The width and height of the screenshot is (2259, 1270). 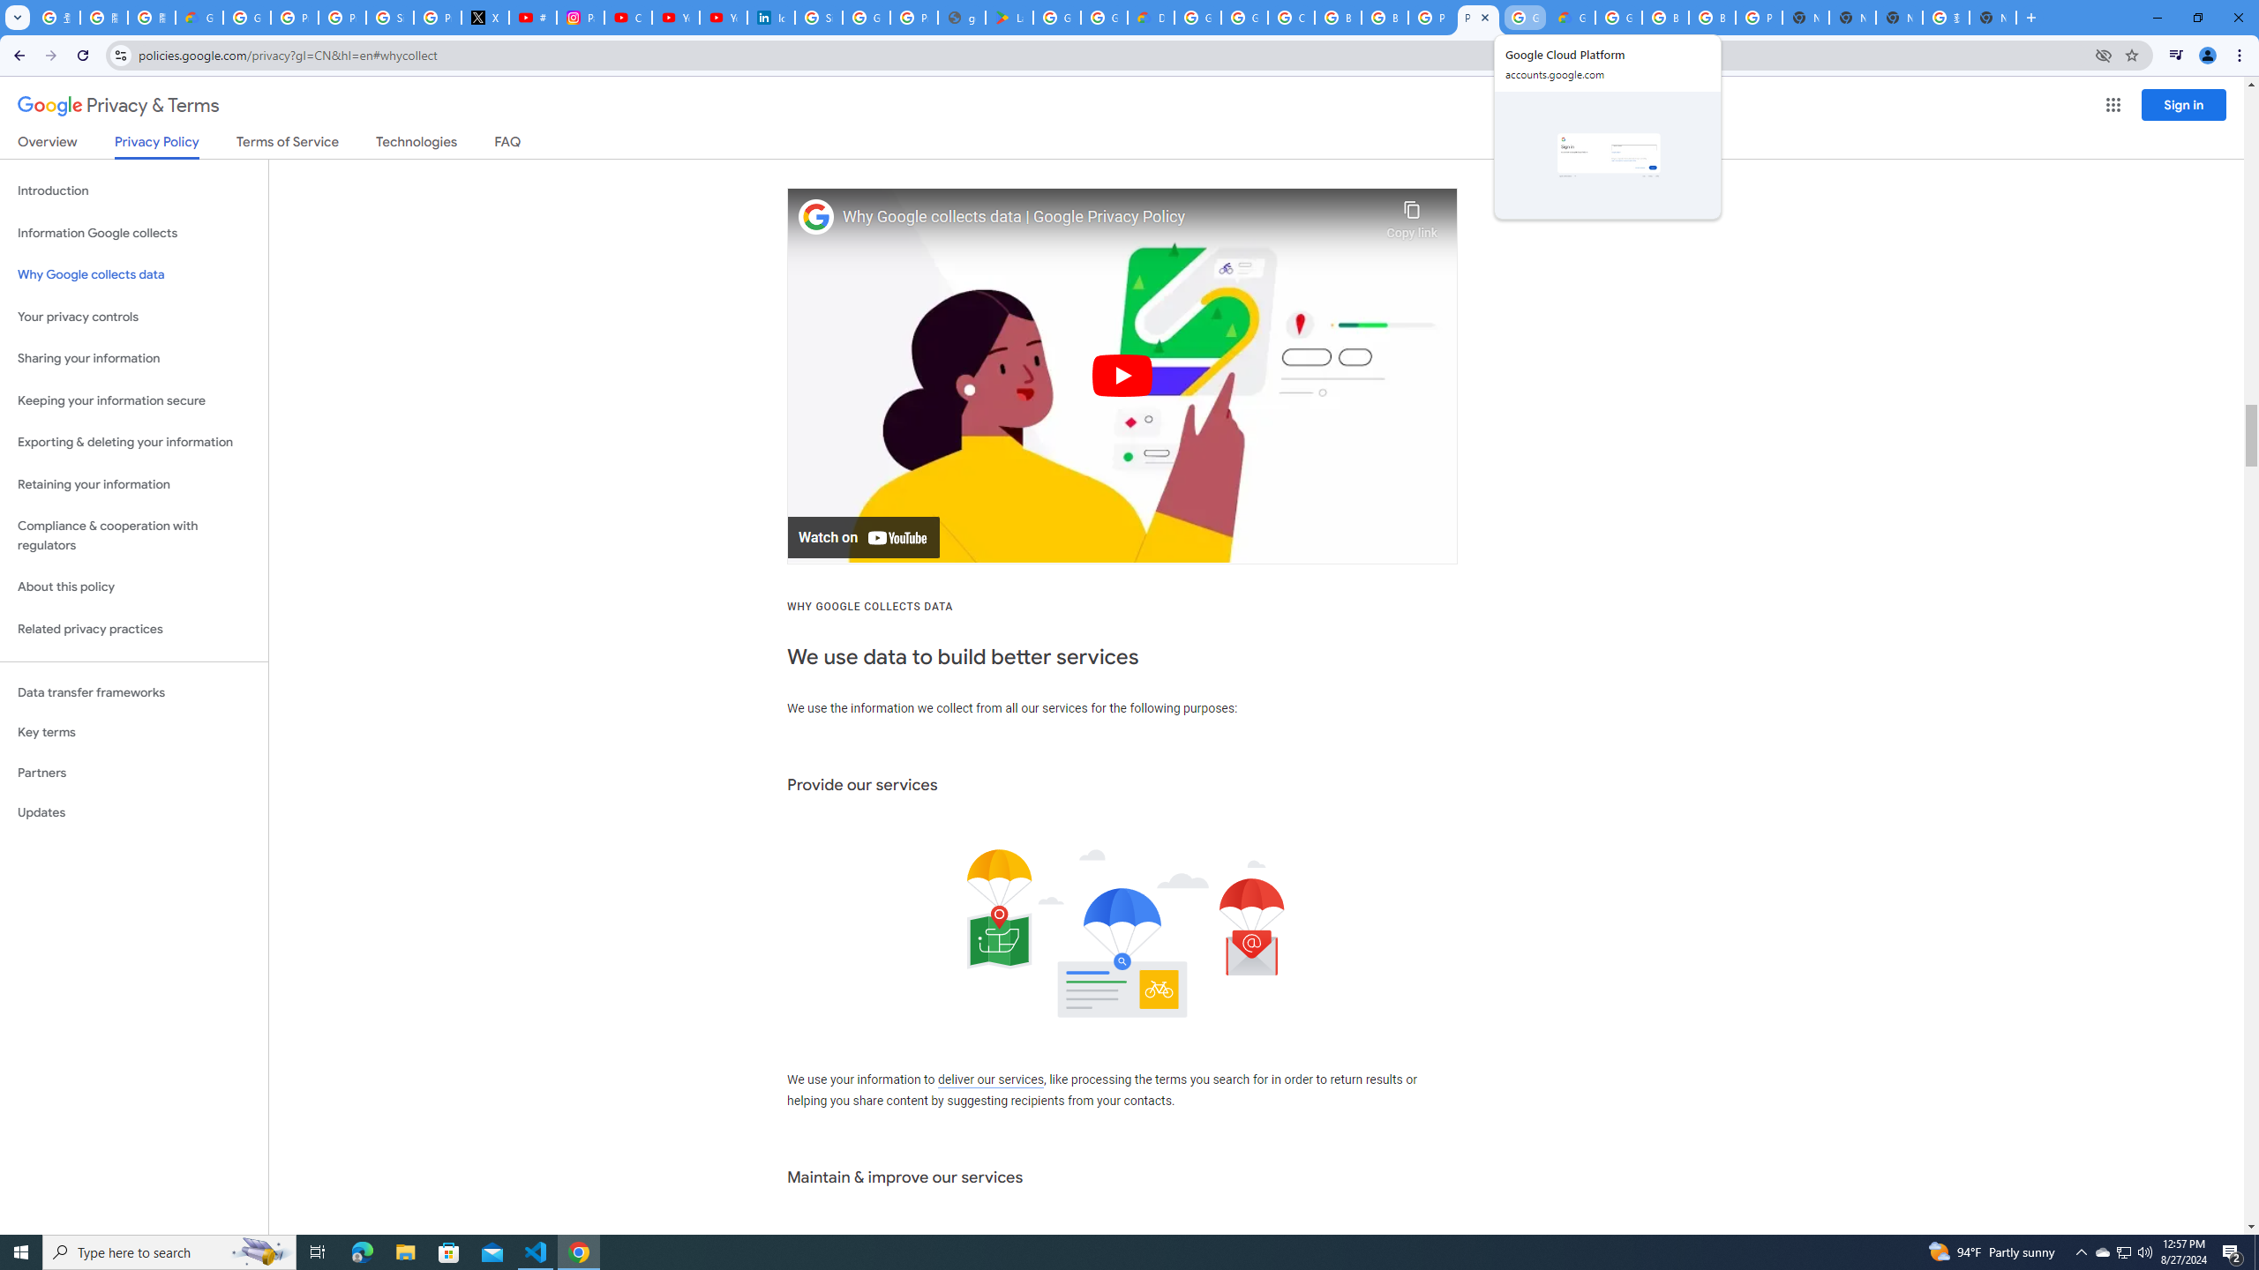 I want to click on 'Compliance & cooperation with regulators', so click(x=133, y=536).